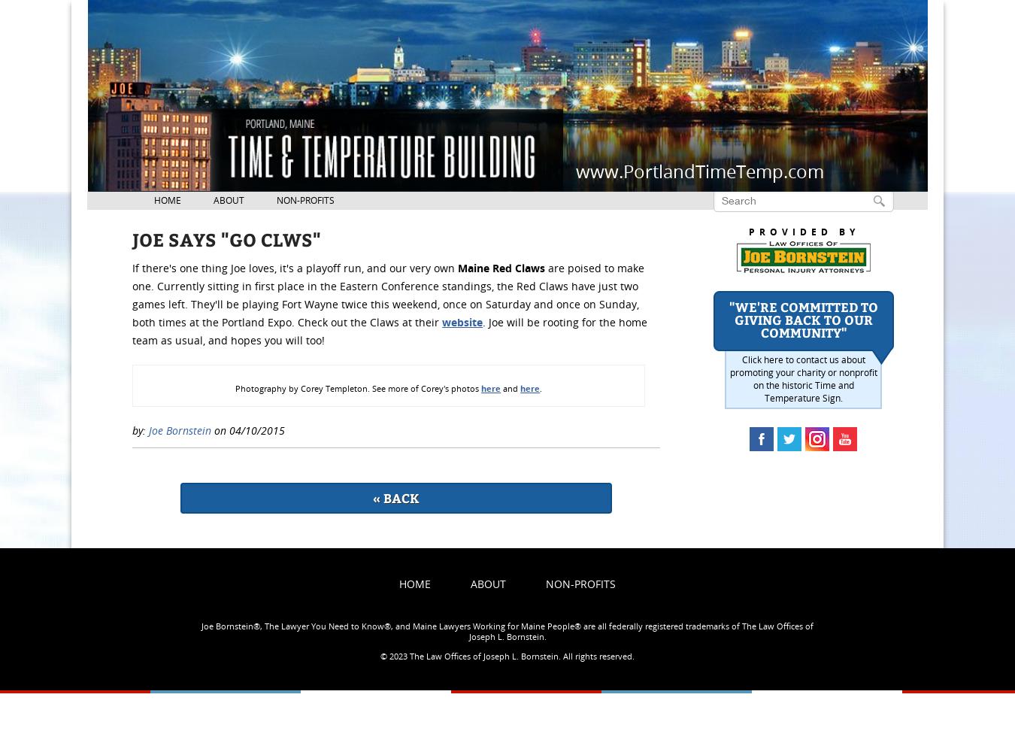  Describe the element at coordinates (132, 330) in the screenshot. I see `'. Joe will be rooting for the home team as usual, and hopes you will too!'` at that location.